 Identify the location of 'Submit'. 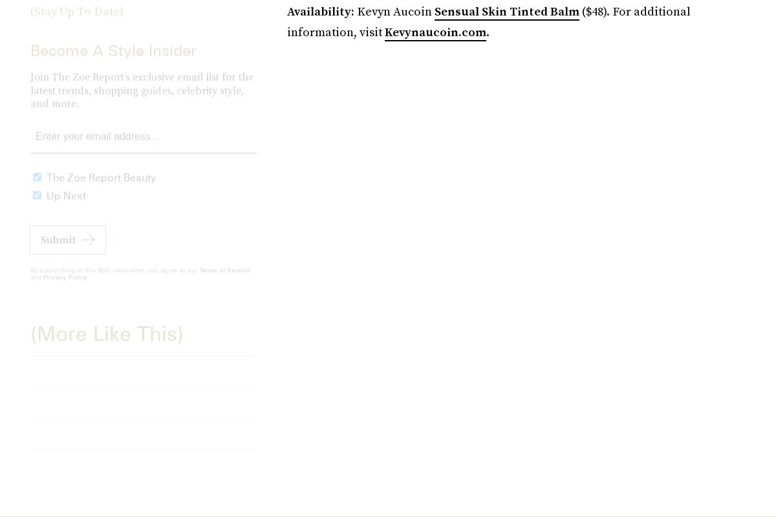
(58, 249).